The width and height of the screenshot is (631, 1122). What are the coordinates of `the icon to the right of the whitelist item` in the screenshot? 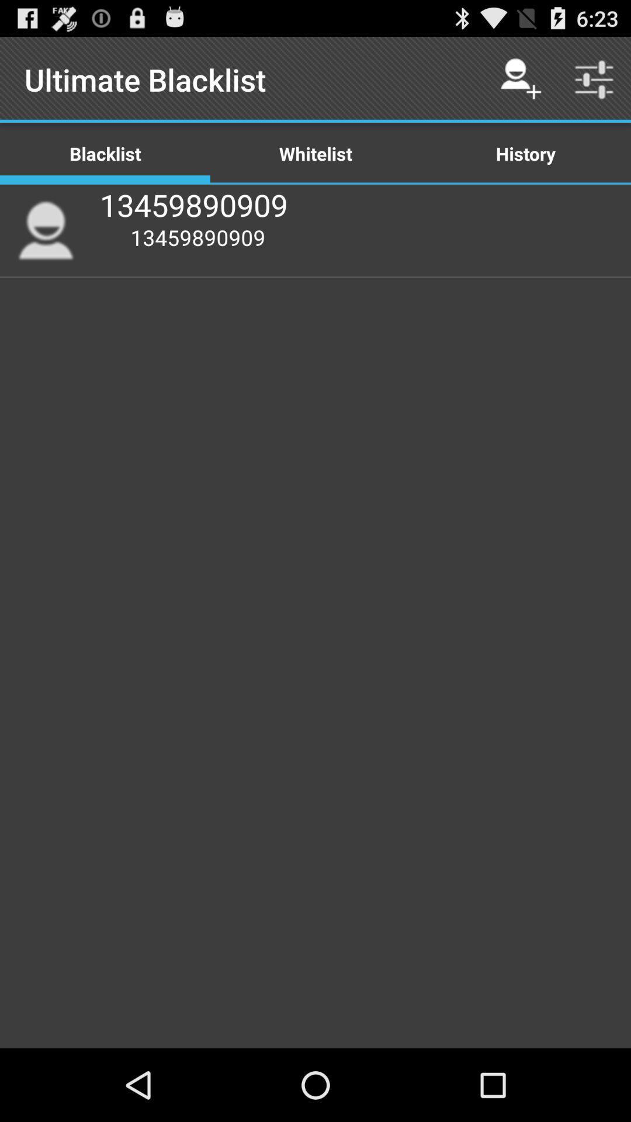 It's located at (520, 79).